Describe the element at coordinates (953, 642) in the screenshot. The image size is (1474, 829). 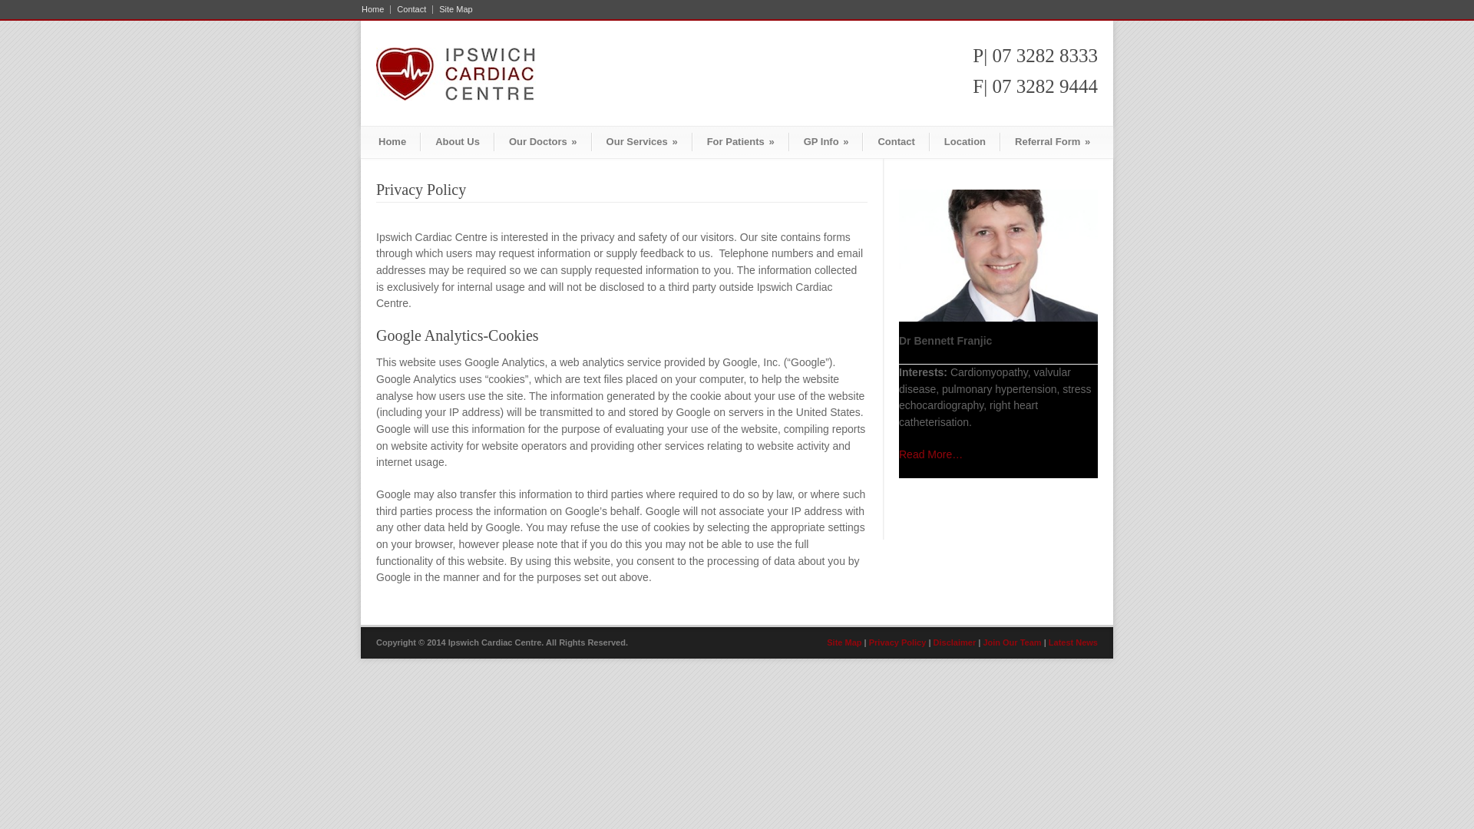
I see `'Disclaimer'` at that location.